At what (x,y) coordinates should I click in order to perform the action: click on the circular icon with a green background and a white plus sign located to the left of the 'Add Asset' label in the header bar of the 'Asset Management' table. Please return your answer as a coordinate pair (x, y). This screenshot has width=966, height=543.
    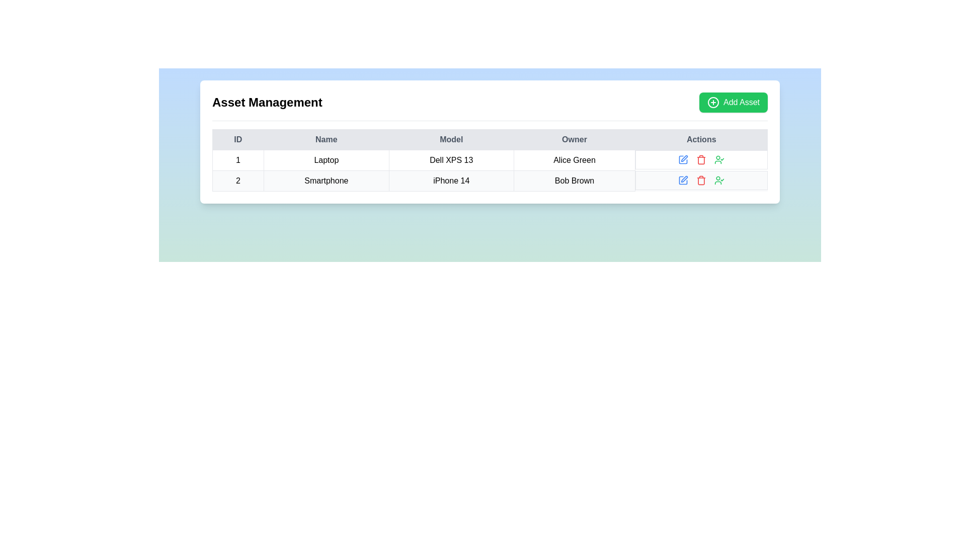
    Looking at the image, I should click on (712, 103).